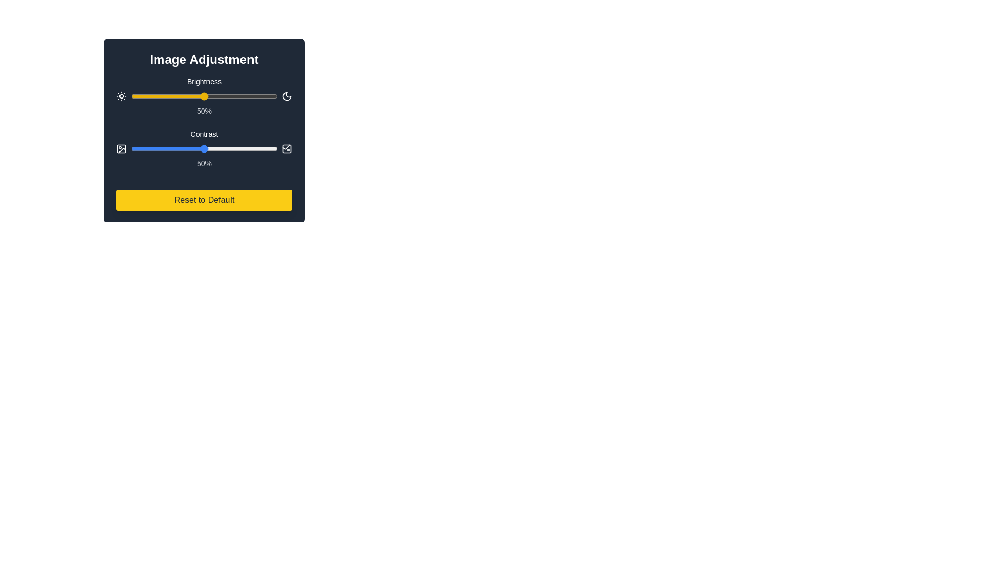 This screenshot has width=1006, height=566. I want to click on the 'Reset to Default' button located at the bottom of the 'Image Adjustment' modal to reset the settings, so click(204, 200).